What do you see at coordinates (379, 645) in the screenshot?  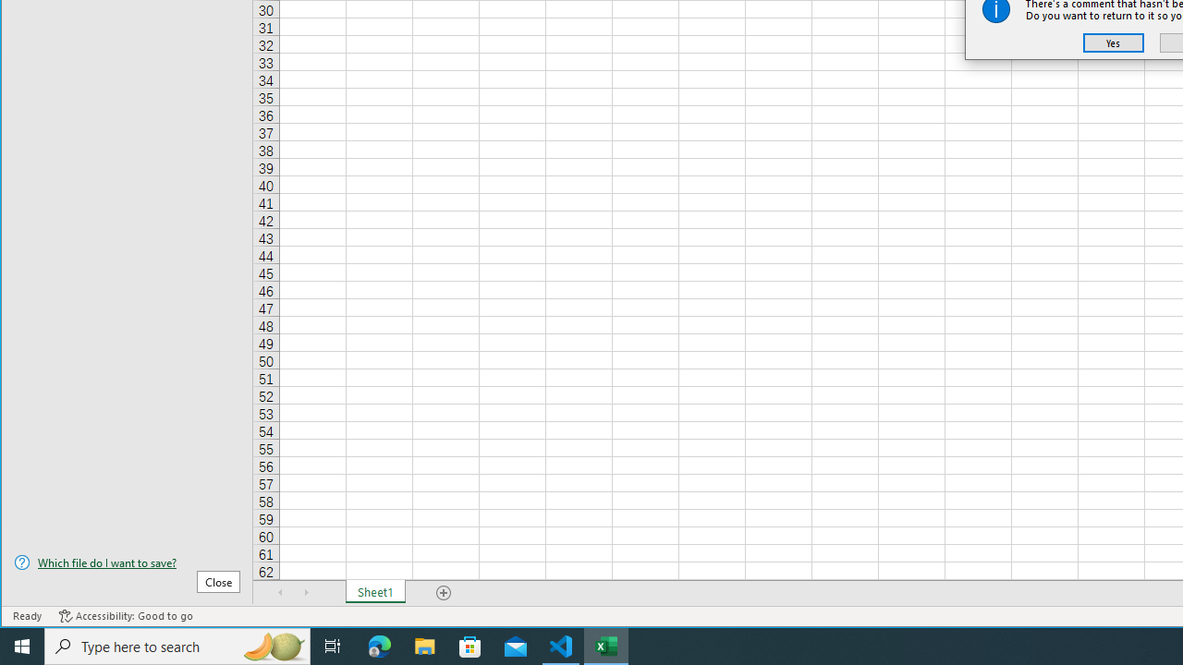 I see `'Microsoft Edge'` at bounding box center [379, 645].